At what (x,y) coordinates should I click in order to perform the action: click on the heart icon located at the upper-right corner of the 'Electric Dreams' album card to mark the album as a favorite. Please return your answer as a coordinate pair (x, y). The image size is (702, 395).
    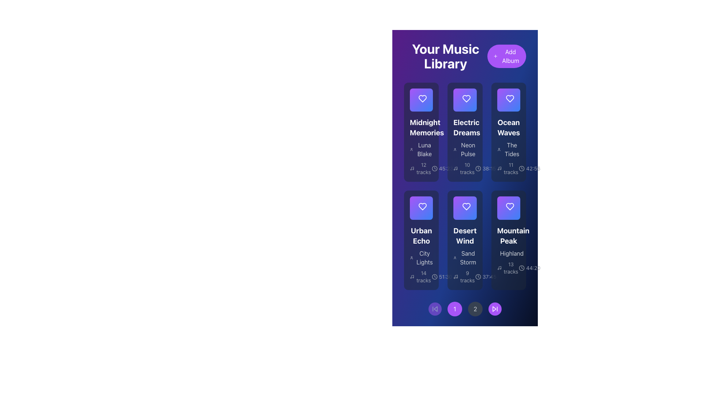
    Looking at the image, I should click on (466, 100).